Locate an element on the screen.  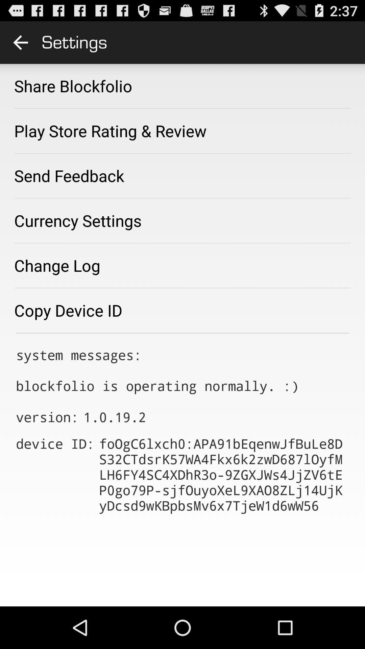
app above the play store rating item is located at coordinates (73, 86).